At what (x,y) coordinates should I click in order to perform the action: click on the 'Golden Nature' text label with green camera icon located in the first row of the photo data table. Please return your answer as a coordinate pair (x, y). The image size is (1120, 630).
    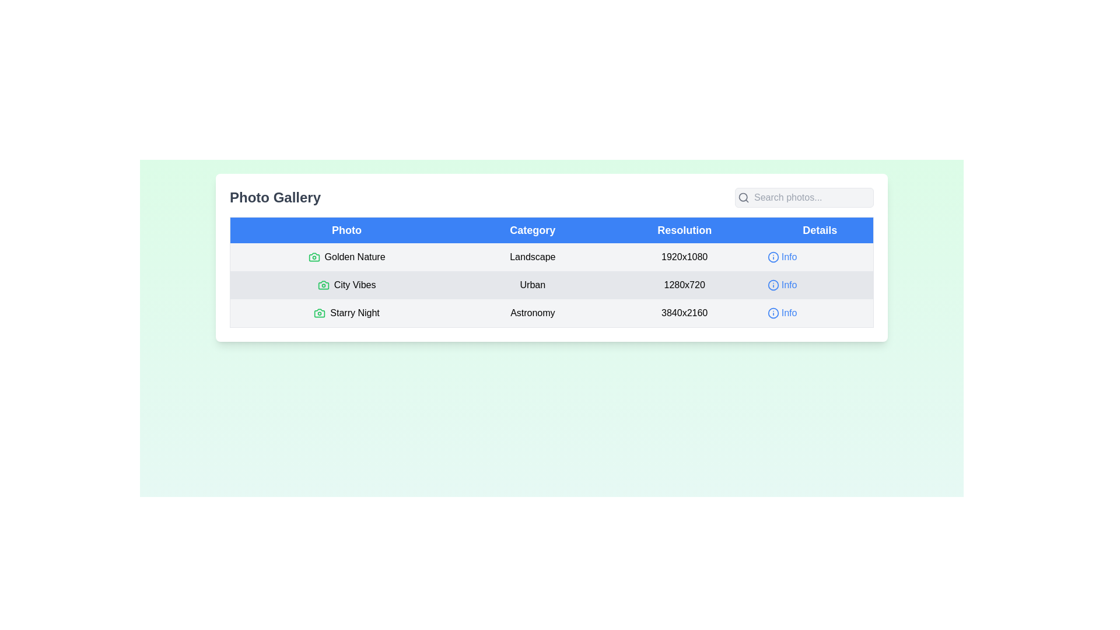
    Looking at the image, I should click on (346, 256).